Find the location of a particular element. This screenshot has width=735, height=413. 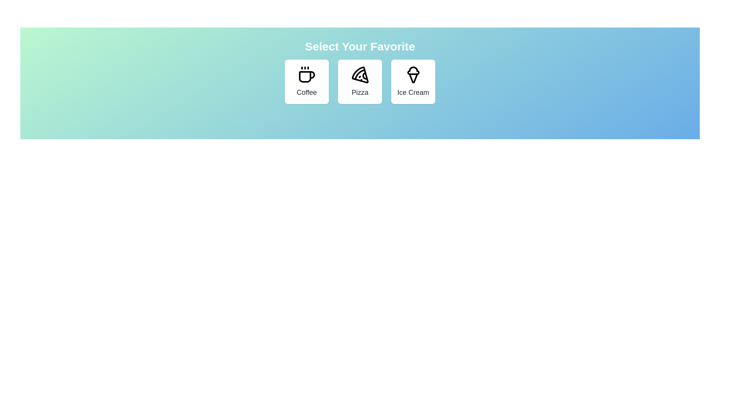

the Text label that describes the 'Pizza' option, located in the middle section of the interface, between 'Coffee' and 'Ice Cream', below the pizza icon is located at coordinates (359, 92).